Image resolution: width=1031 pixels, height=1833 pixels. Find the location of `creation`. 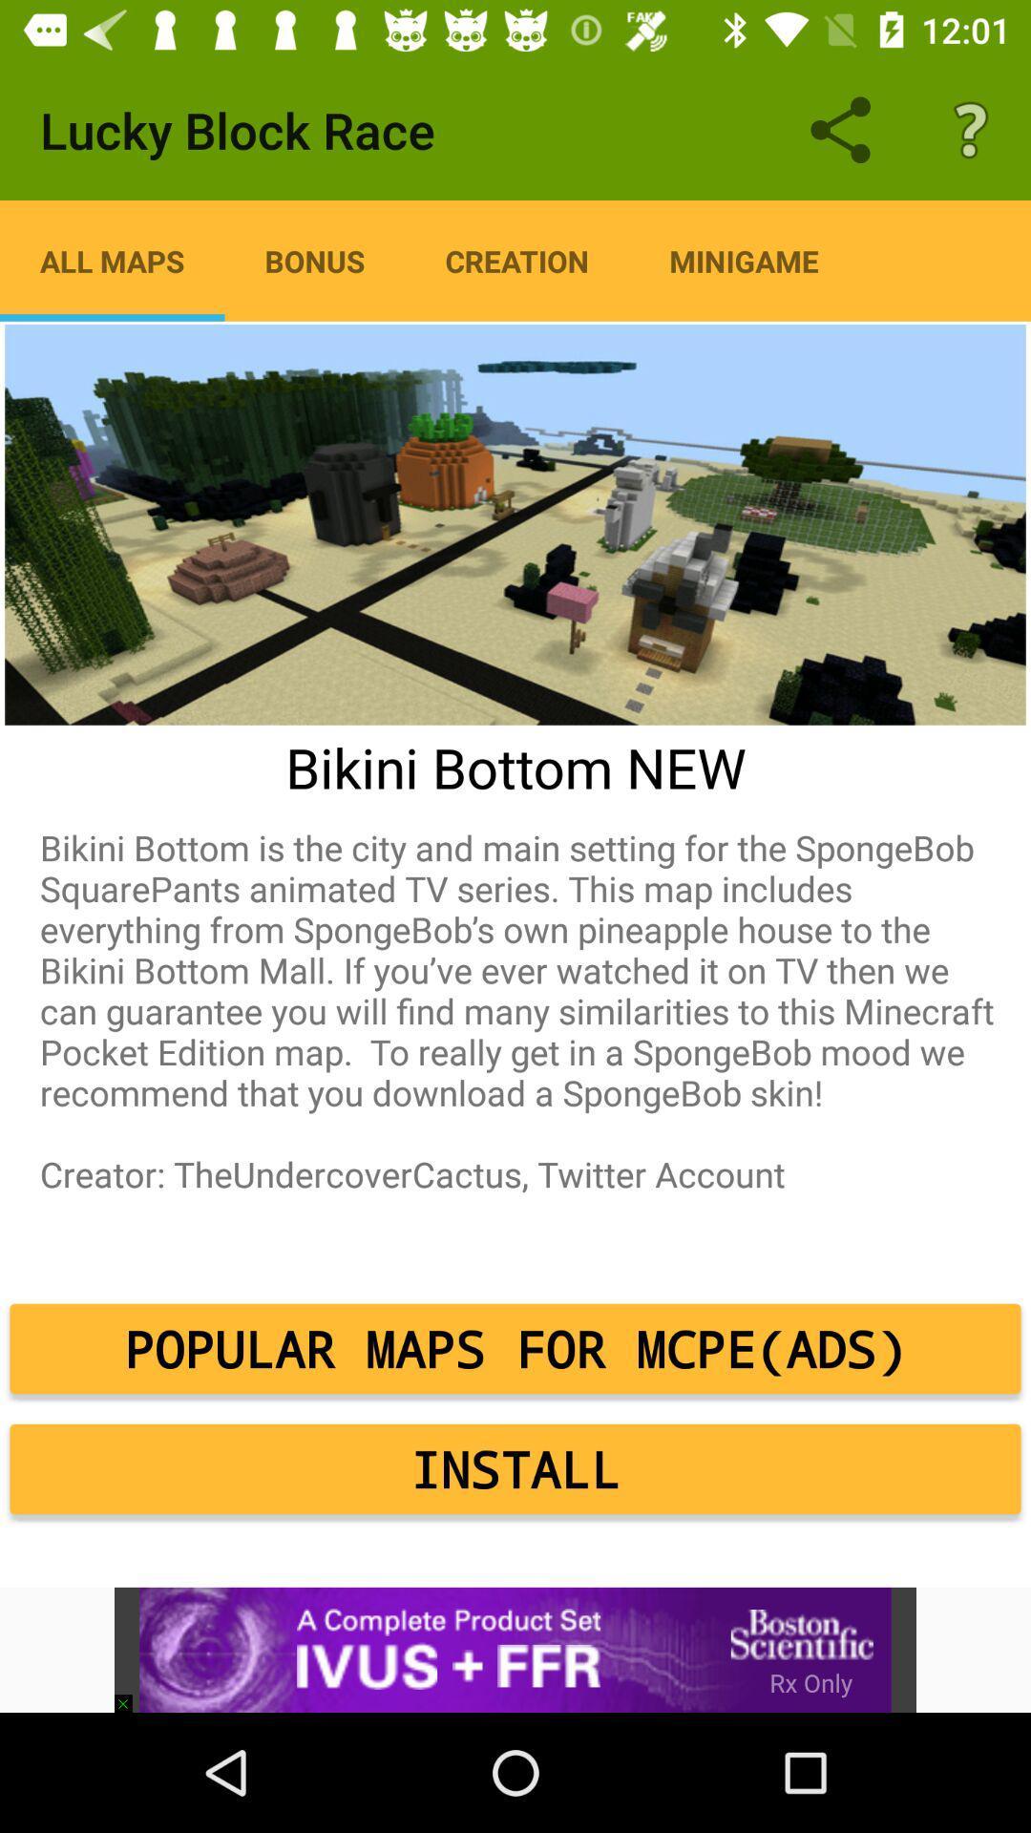

creation is located at coordinates (516, 260).